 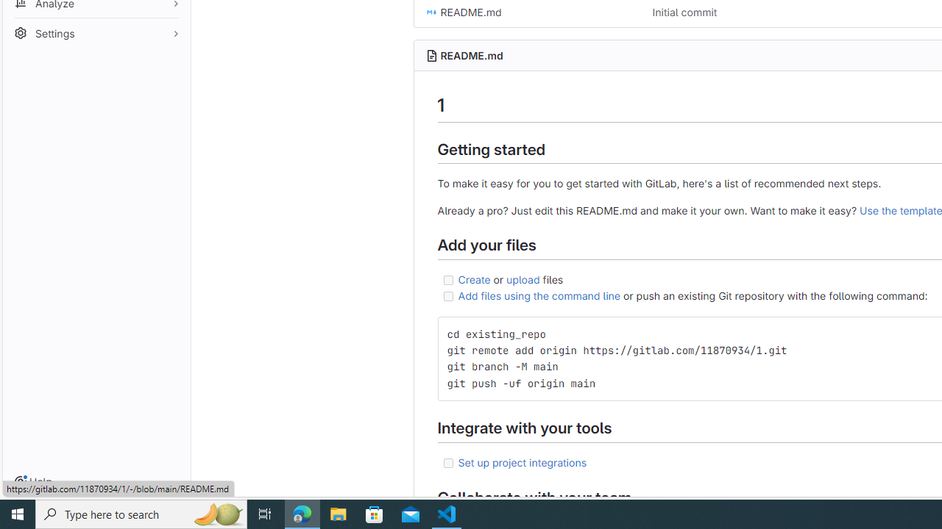 I want to click on 'Create', so click(x=474, y=278).